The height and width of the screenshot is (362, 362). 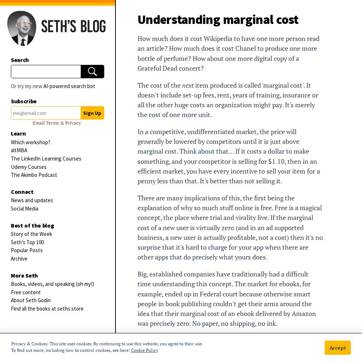 I want to click on 'item produced is called 'marginal cost'. It doesn't include set-up fees, rent, years of training, insurance or all the other huge costs an organization might pay. It's merely the cost of one more unit.', so click(x=138, y=100).